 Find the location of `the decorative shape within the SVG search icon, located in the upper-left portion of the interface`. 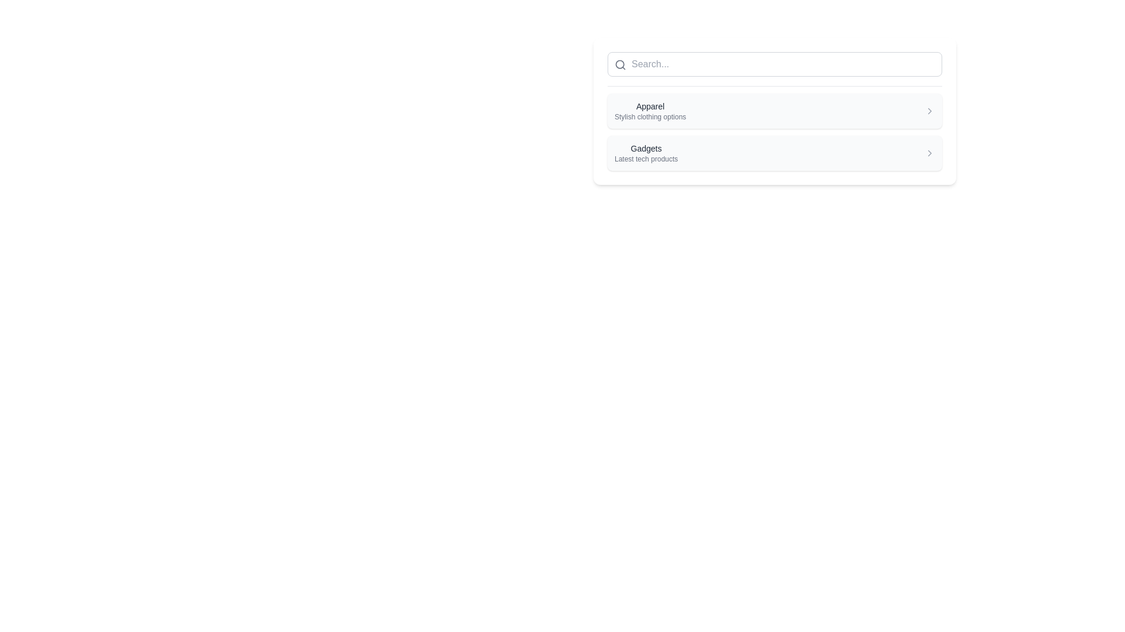

the decorative shape within the SVG search icon, located in the upper-left portion of the interface is located at coordinates (619, 64).